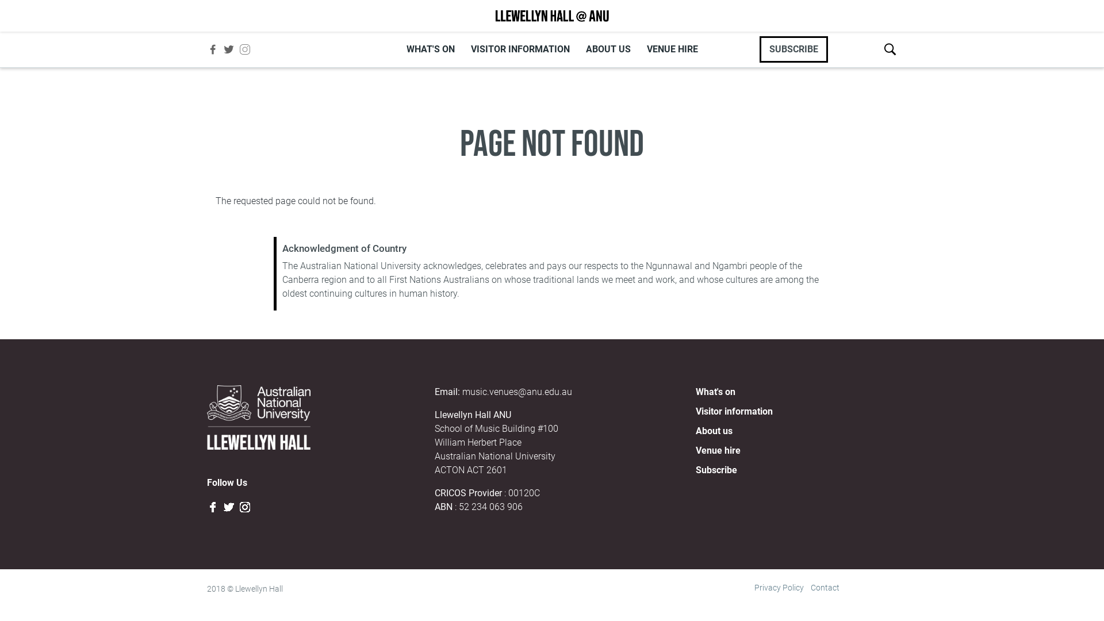 This screenshot has height=621, width=1104. What do you see at coordinates (672, 48) in the screenshot?
I see `'VENUE HIRE'` at bounding box center [672, 48].